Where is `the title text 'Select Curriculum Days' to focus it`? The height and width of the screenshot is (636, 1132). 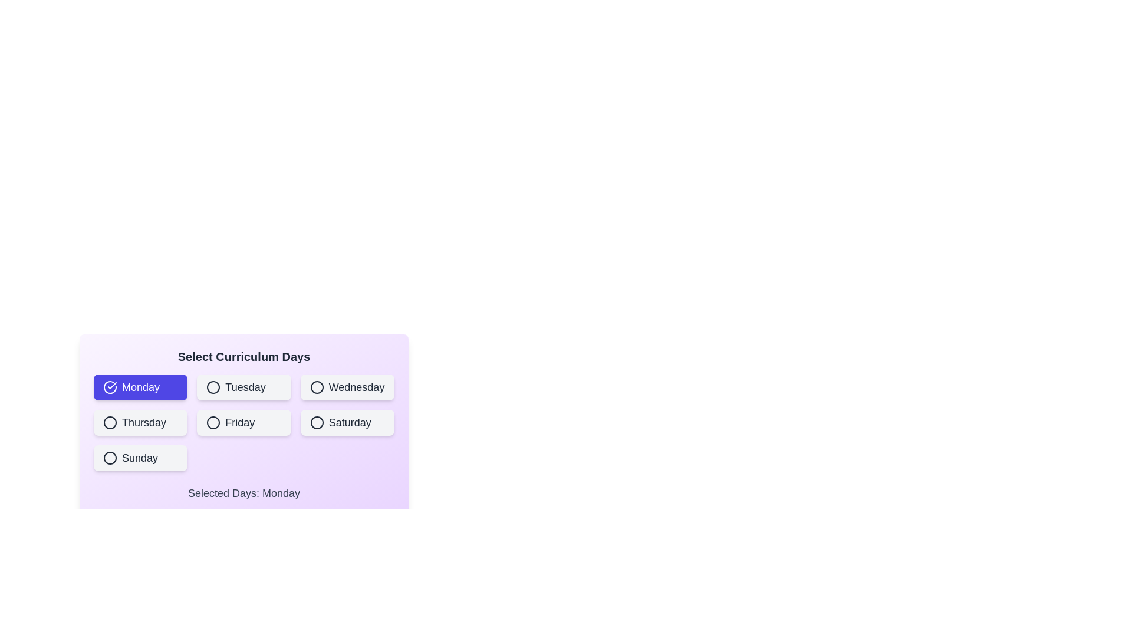
the title text 'Select Curriculum Days' to focus it is located at coordinates (243, 356).